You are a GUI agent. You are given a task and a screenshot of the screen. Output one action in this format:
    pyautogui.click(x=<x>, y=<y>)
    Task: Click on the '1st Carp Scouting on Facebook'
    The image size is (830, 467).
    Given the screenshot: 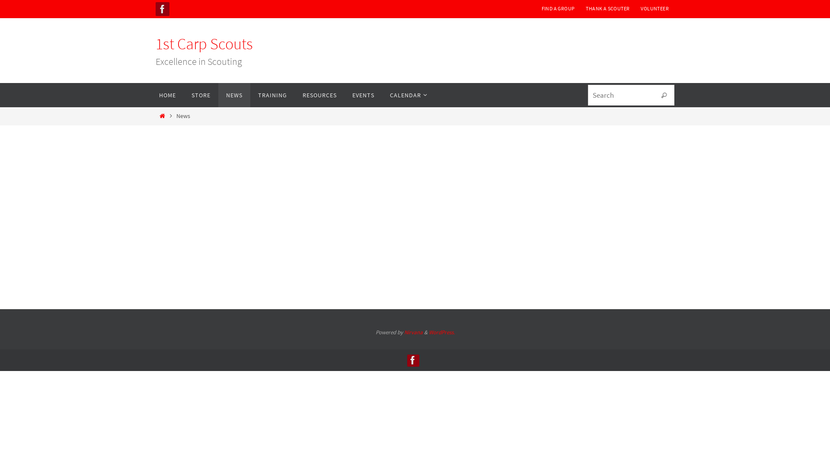 What is the action you would take?
    pyautogui.click(x=162, y=9)
    